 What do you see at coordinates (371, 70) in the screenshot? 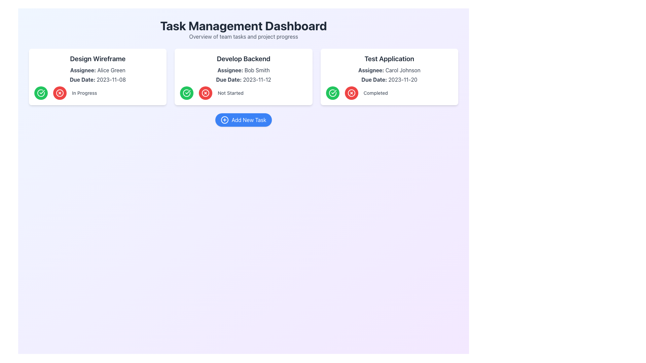
I see `the text label reading 'Assignee:' styled in dark gray and bold font, located in the 'Test Application' task card above the assignee's name, Carol Johnson` at bounding box center [371, 70].